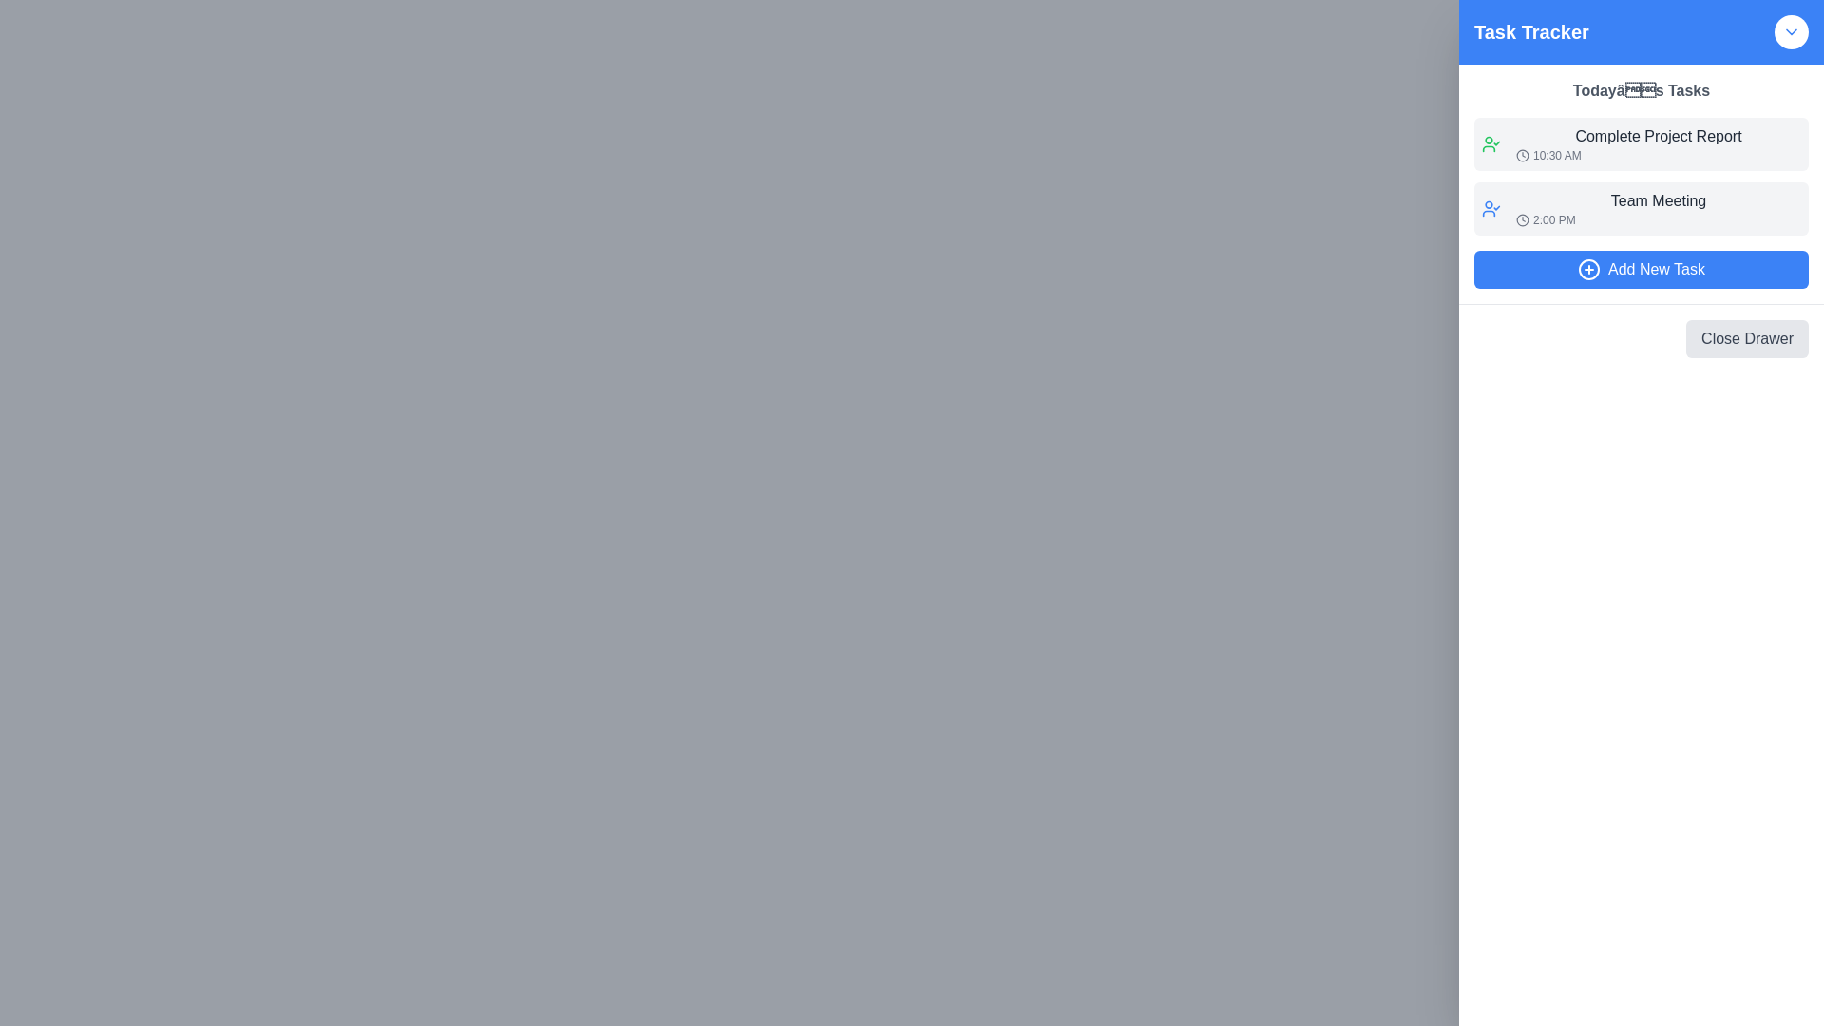  I want to click on the small circular clock icon with a gray stroke that indicates a time-related feature, located next to the '2:00 PM' text label for the 'Team Meeting' task, so click(1523, 218).